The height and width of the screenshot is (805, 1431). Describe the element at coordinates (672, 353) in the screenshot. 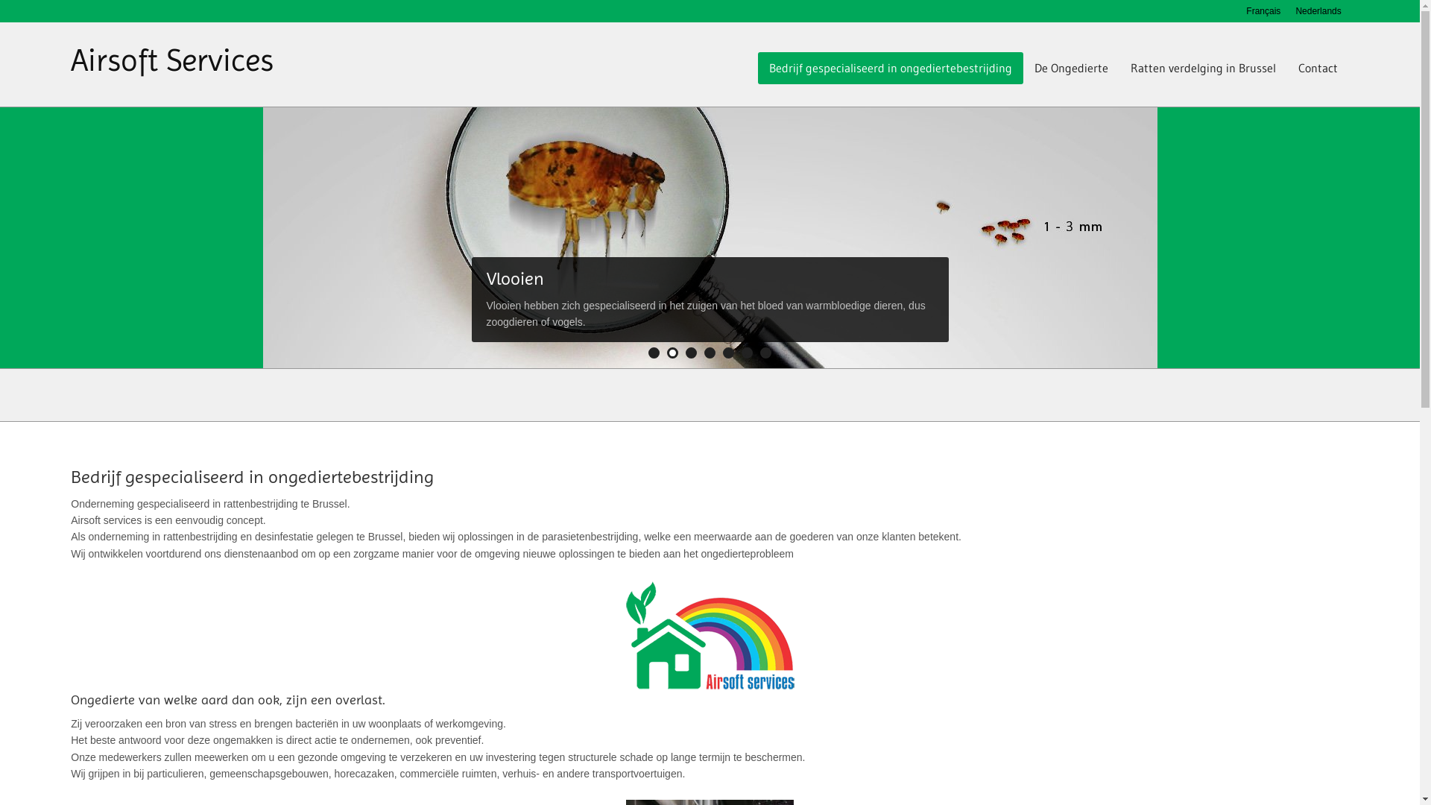

I see `'2'` at that location.